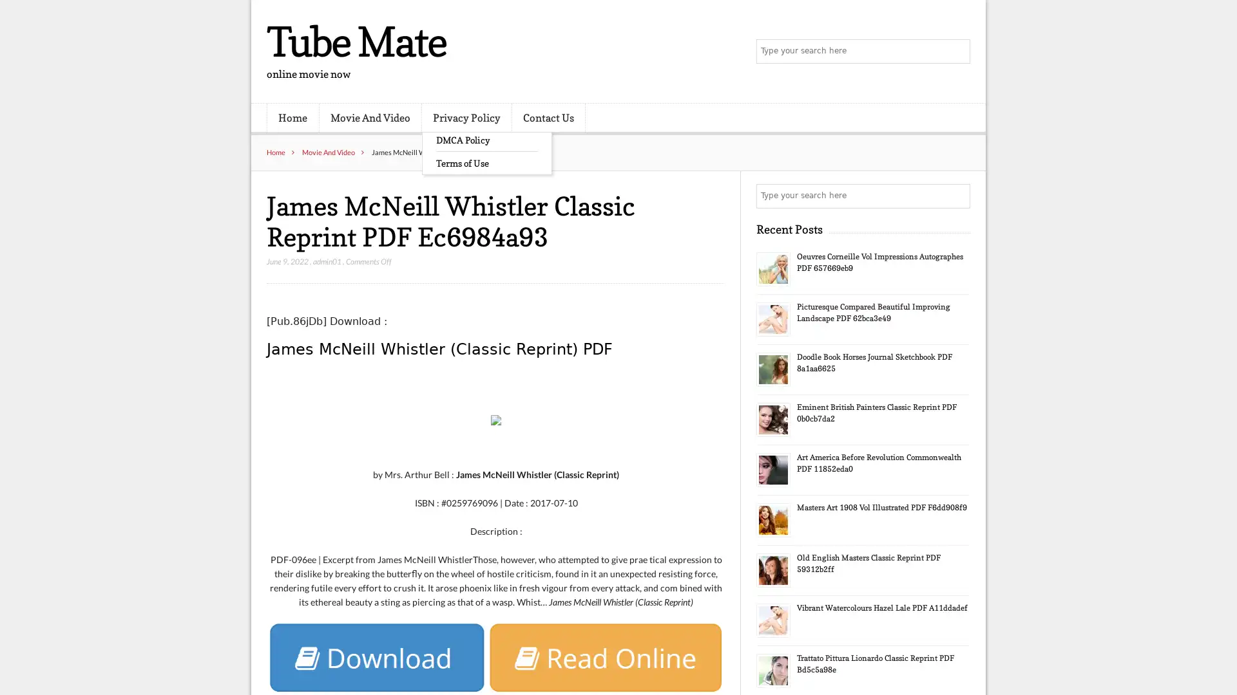 The width and height of the screenshot is (1237, 695). I want to click on Search, so click(957, 196).